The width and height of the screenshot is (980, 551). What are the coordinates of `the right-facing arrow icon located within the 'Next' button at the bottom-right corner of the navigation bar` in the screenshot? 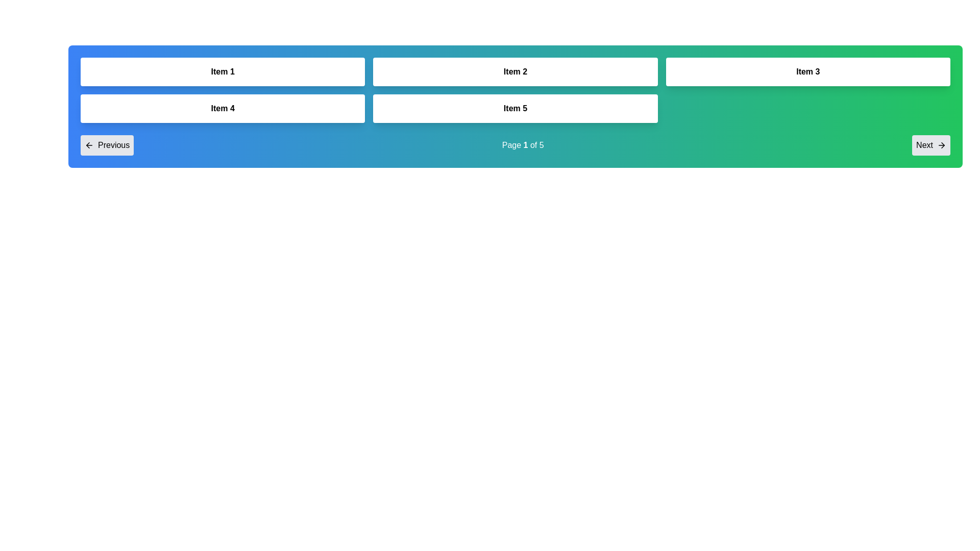 It's located at (941, 145).